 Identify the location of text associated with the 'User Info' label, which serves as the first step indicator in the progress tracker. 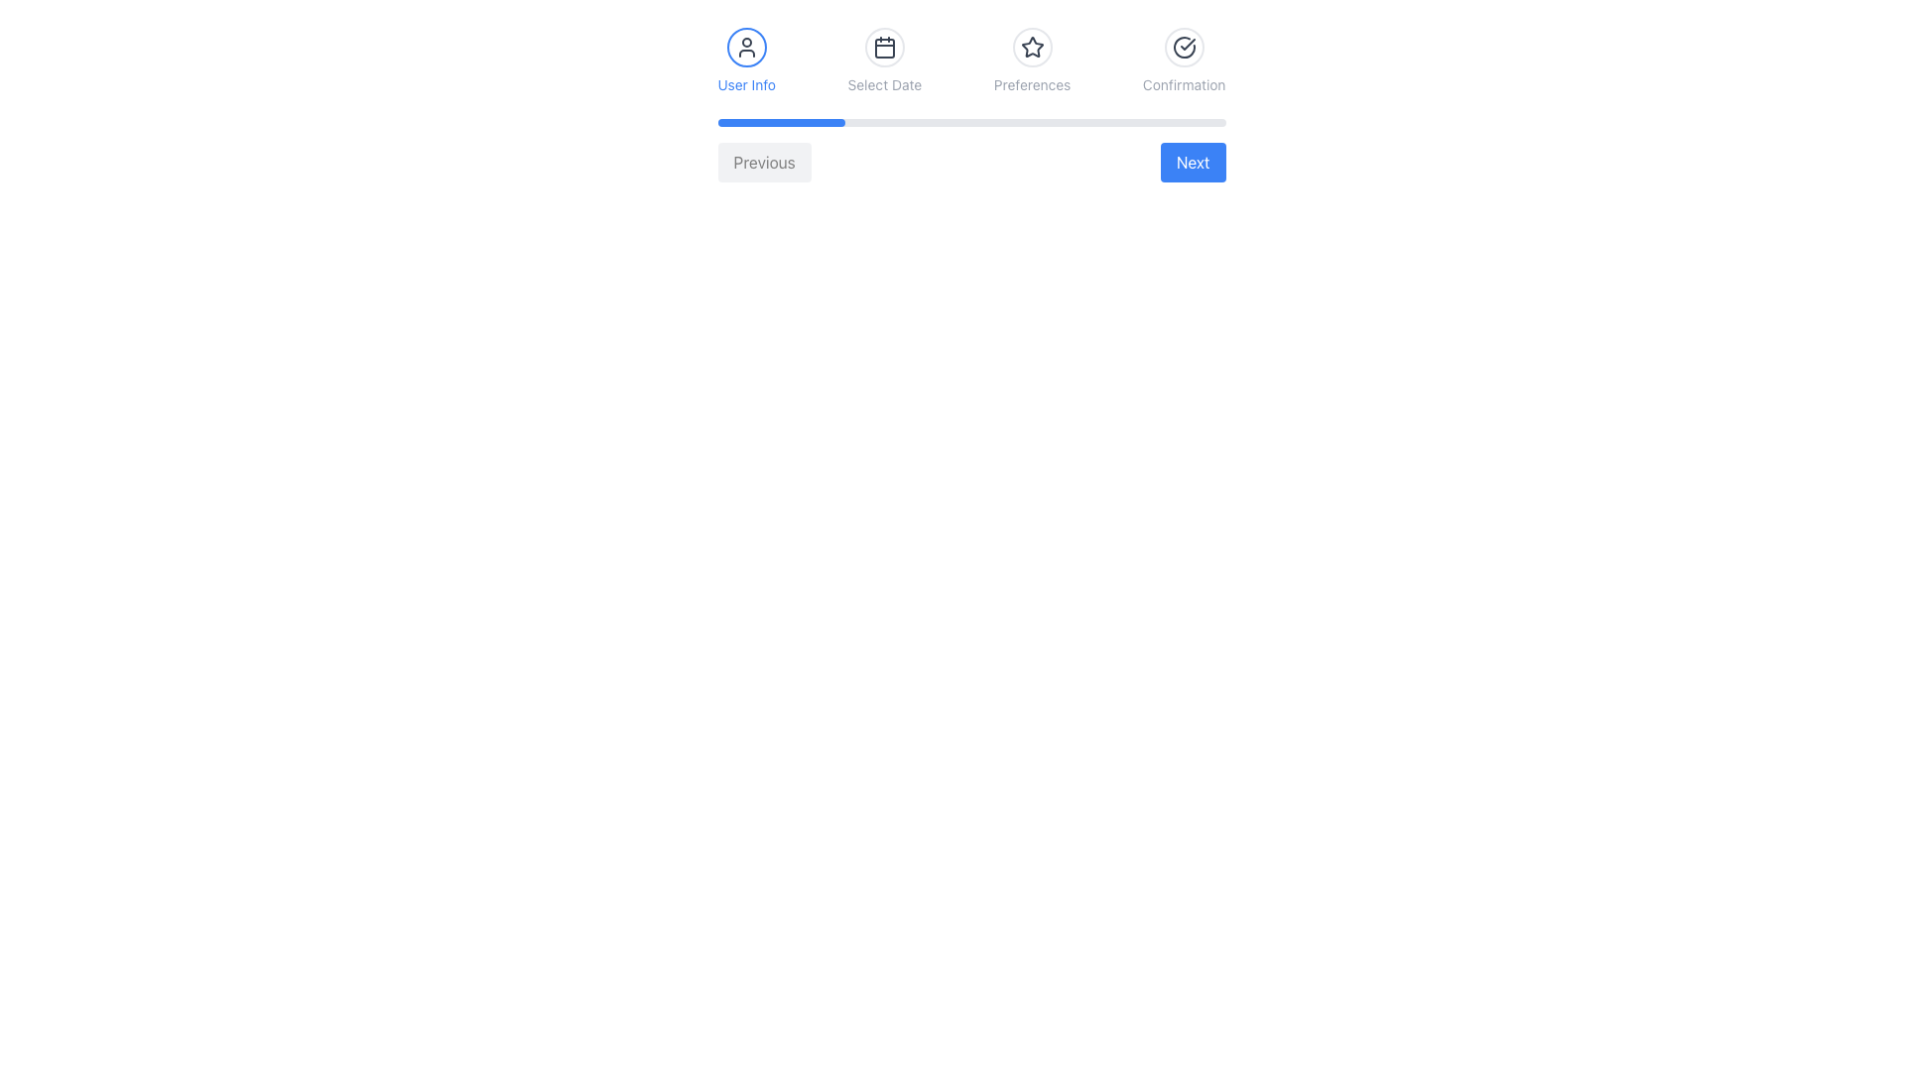
(745, 59).